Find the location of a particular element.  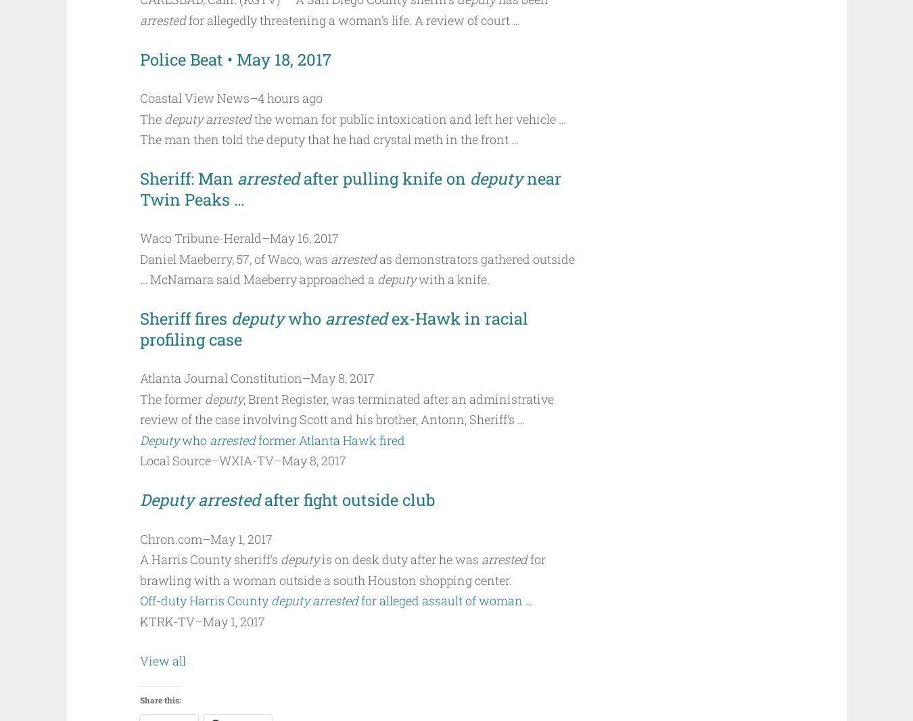

'after fight outside club' is located at coordinates (348, 498).